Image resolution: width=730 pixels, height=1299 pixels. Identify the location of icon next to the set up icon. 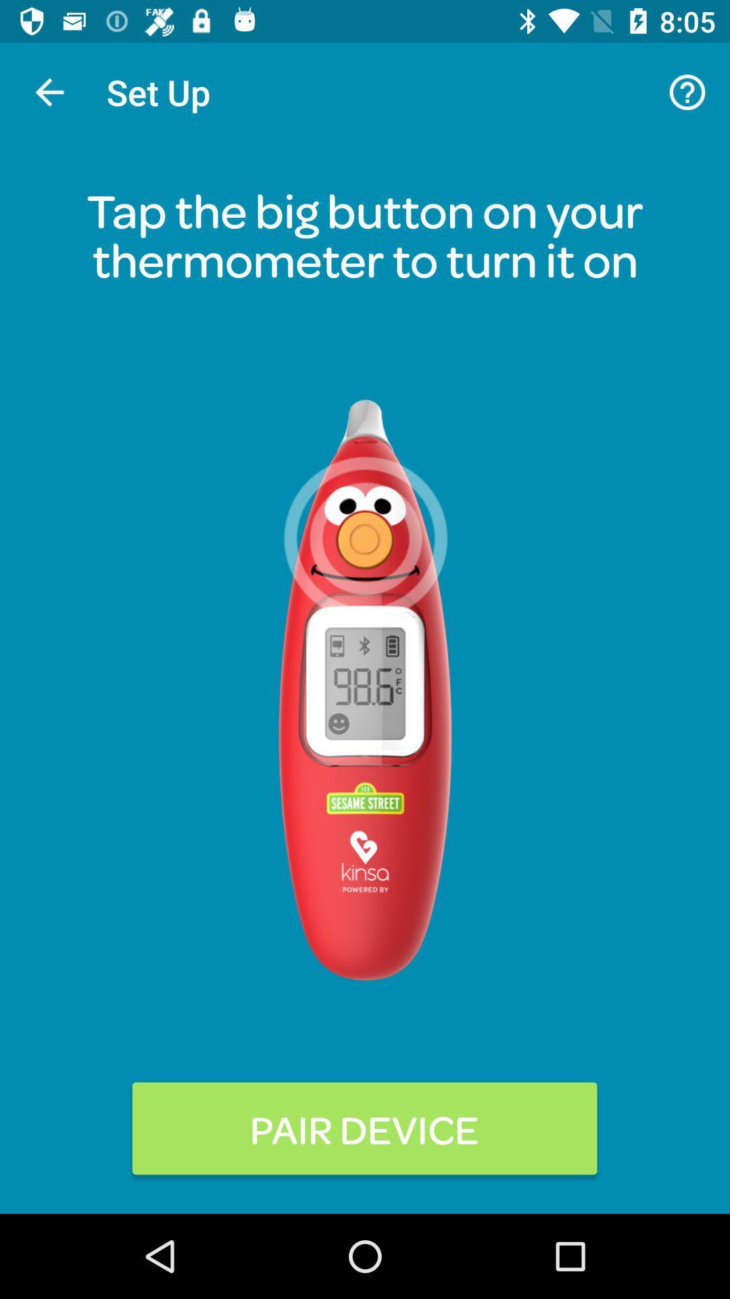
(687, 91).